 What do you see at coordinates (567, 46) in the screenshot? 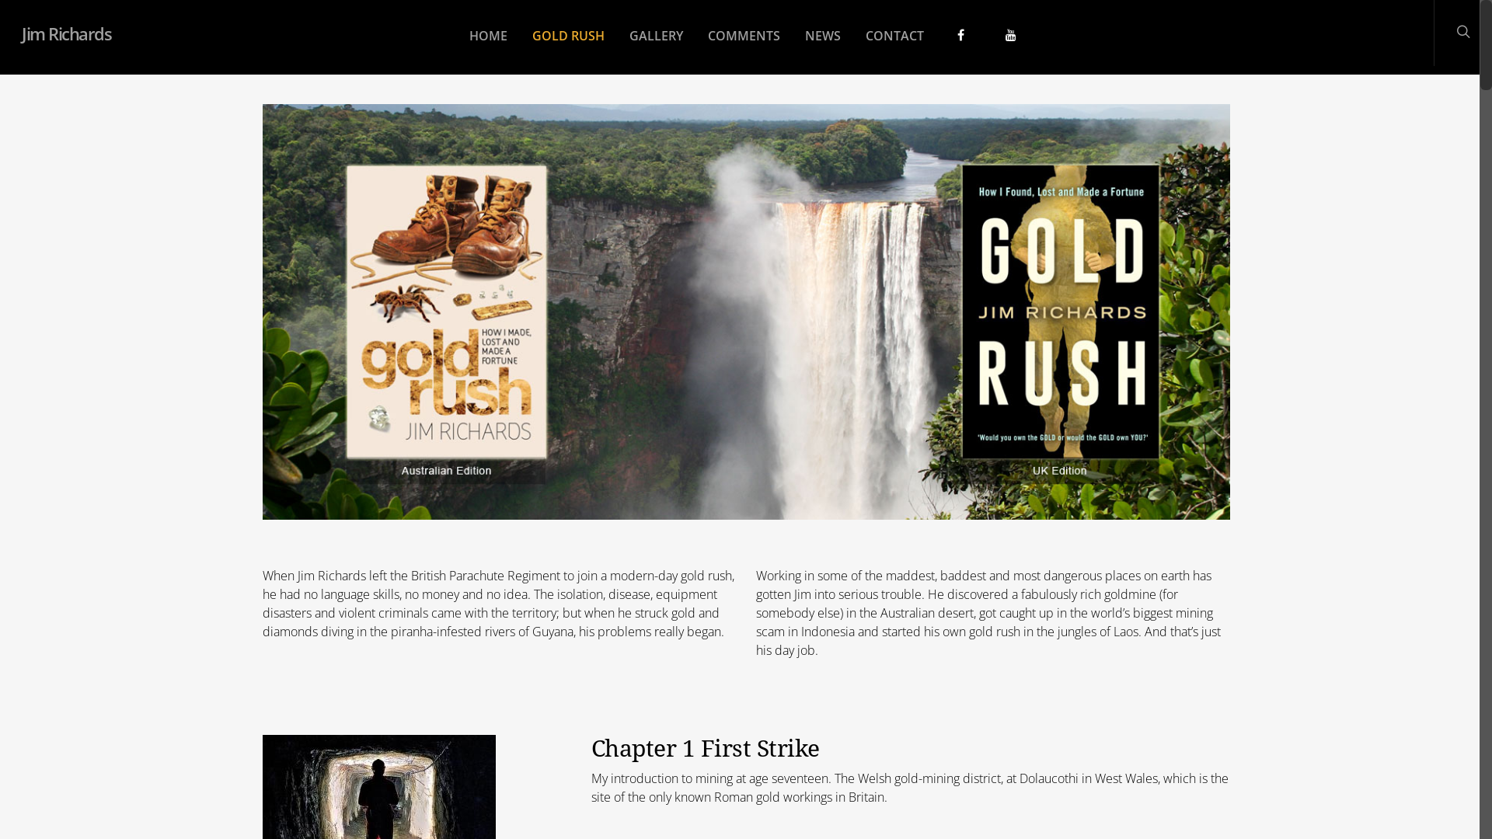
I see `'GOLD RUSH'` at bounding box center [567, 46].